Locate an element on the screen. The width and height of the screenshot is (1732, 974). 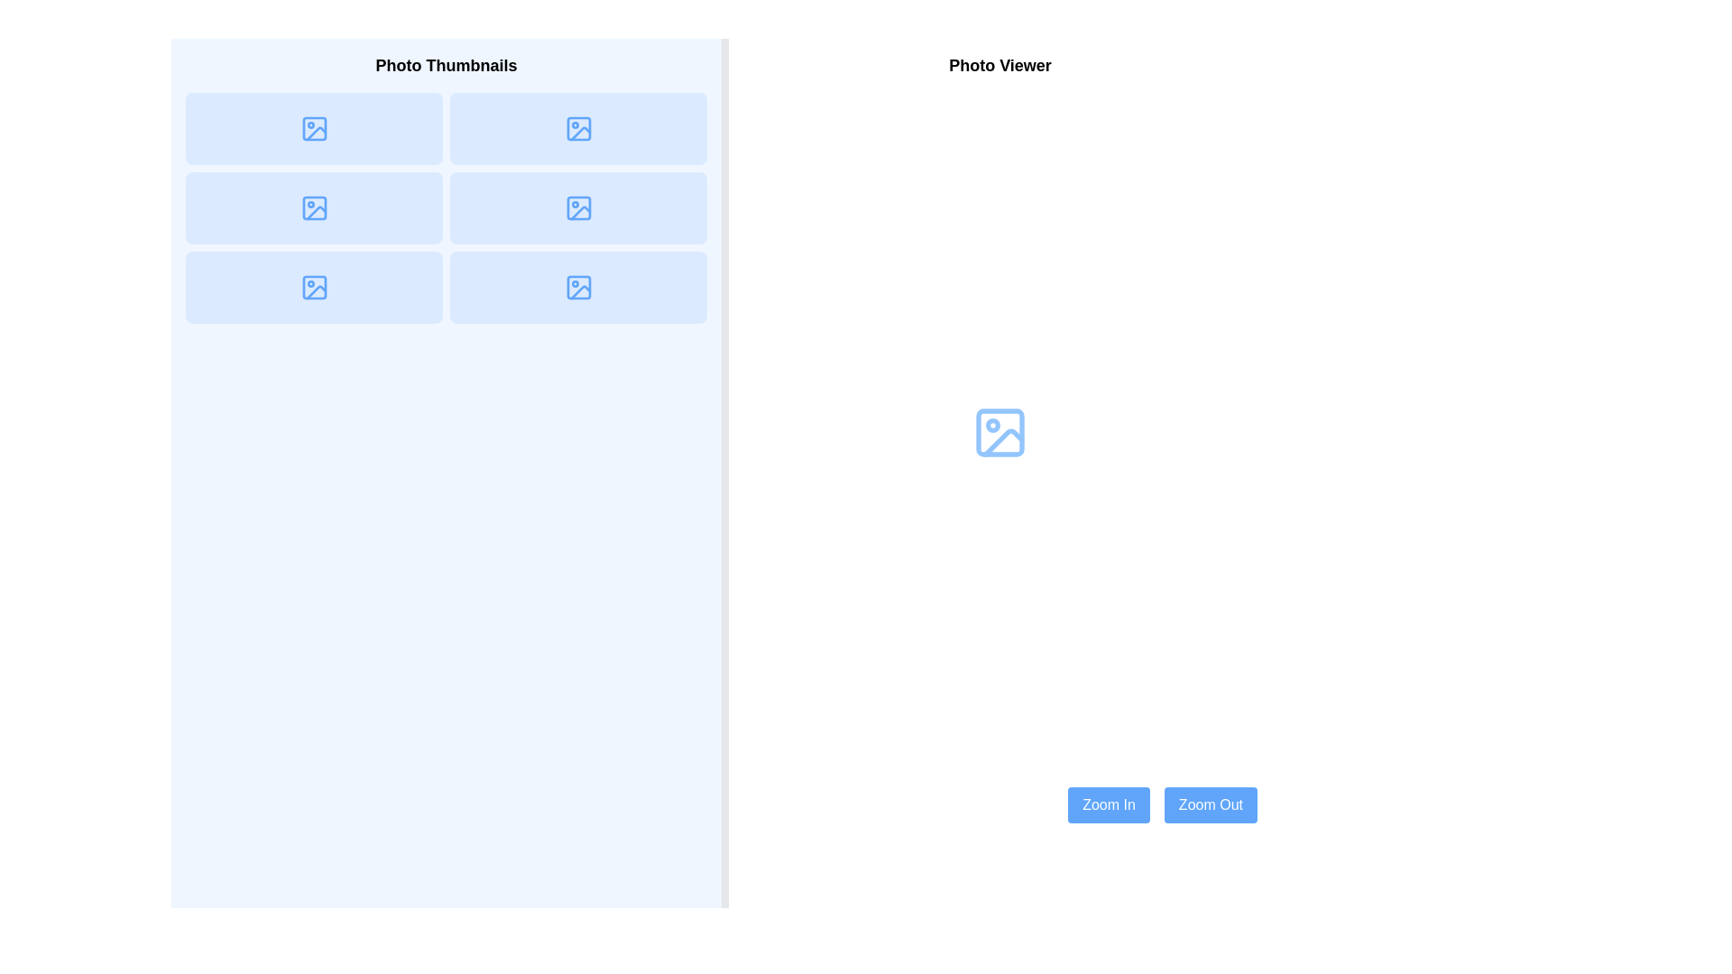
the decorative component located inside the leftmost icon on the top row of the 'Photo Thumbnails' section is located at coordinates (314, 127).